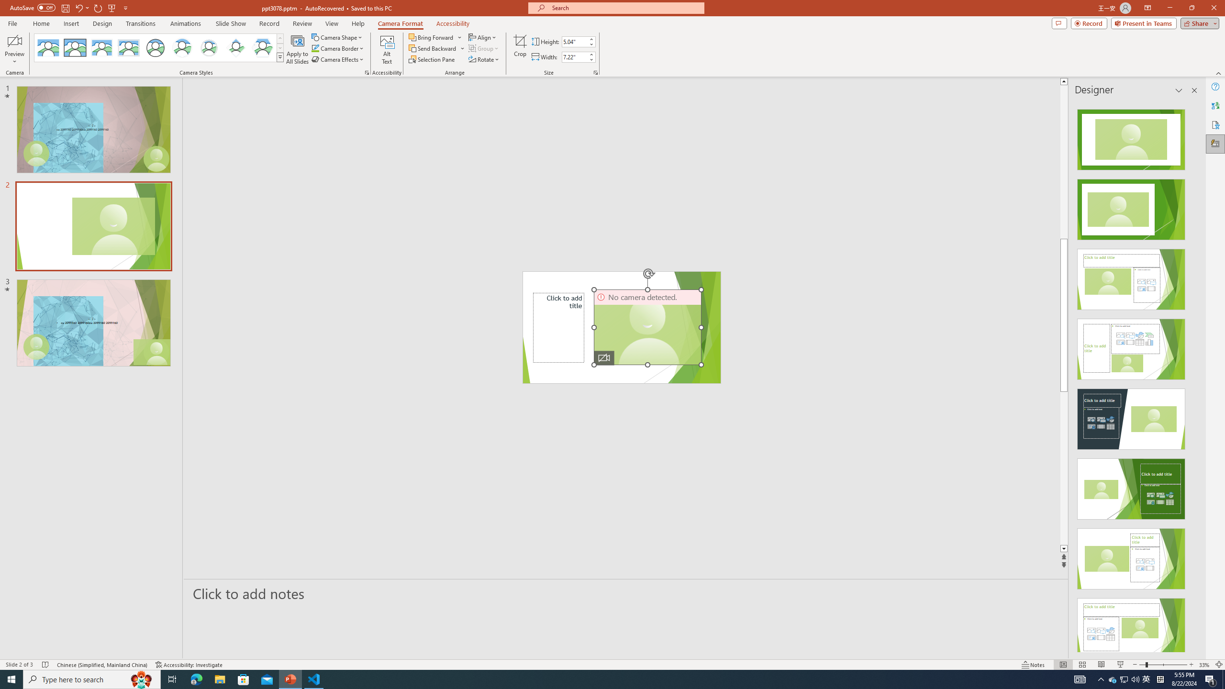 This screenshot has width=1225, height=689. What do you see at coordinates (280, 56) in the screenshot?
I see `'Camera Styles'` at bounding box center [280, 56].